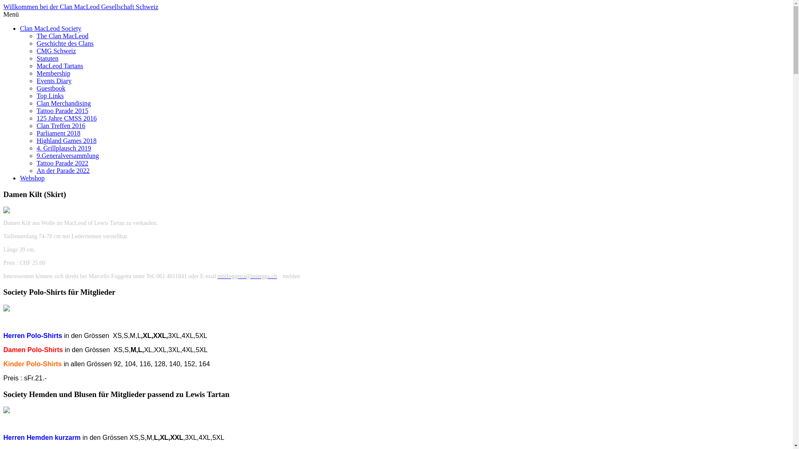 The height and width of the screenshot is (449, 799). Describe the element at coordinates (53, 81) in the screenshot. I see `'Events Diary'` at that location.